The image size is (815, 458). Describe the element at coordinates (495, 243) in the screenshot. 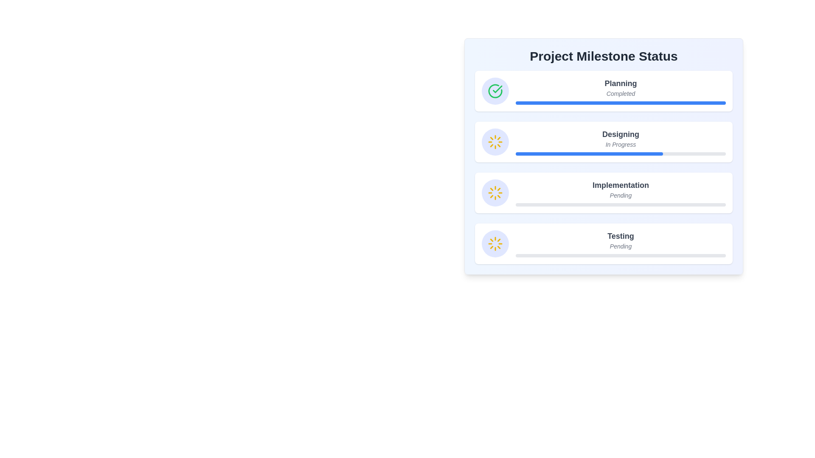

I see `the circular sunburst icon with yellow rays, which is the primary icon for the second entry in a vertical list of cards with a light blue background` at that location.